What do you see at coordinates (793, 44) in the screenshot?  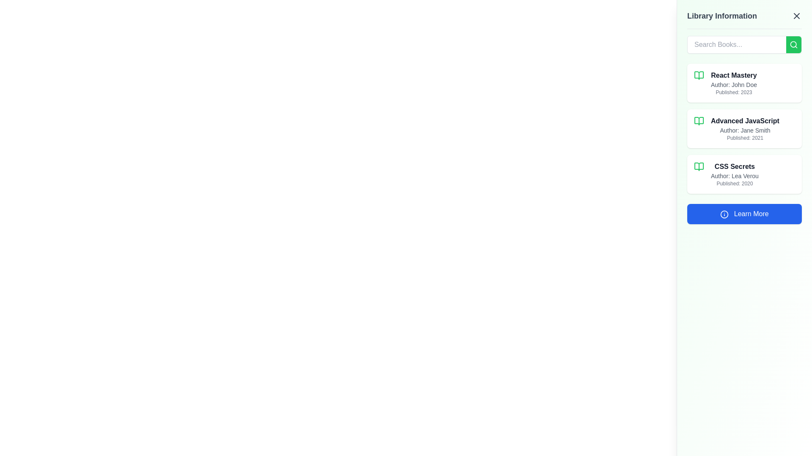 I see `the circular magnifying glass icon located in the top-right corner of the sidebar` at bounding box center [793, 44].